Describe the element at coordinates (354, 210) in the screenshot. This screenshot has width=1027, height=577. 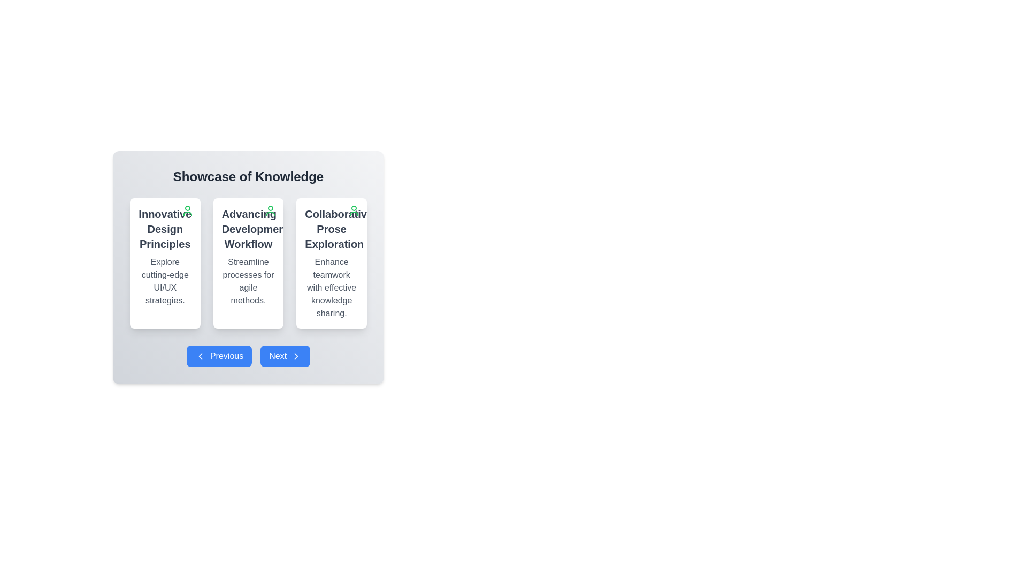
I see `the green user icon located at the top-right corner of the 'Collaborative Prose Exploration' card to interact with user-related options` at that location.